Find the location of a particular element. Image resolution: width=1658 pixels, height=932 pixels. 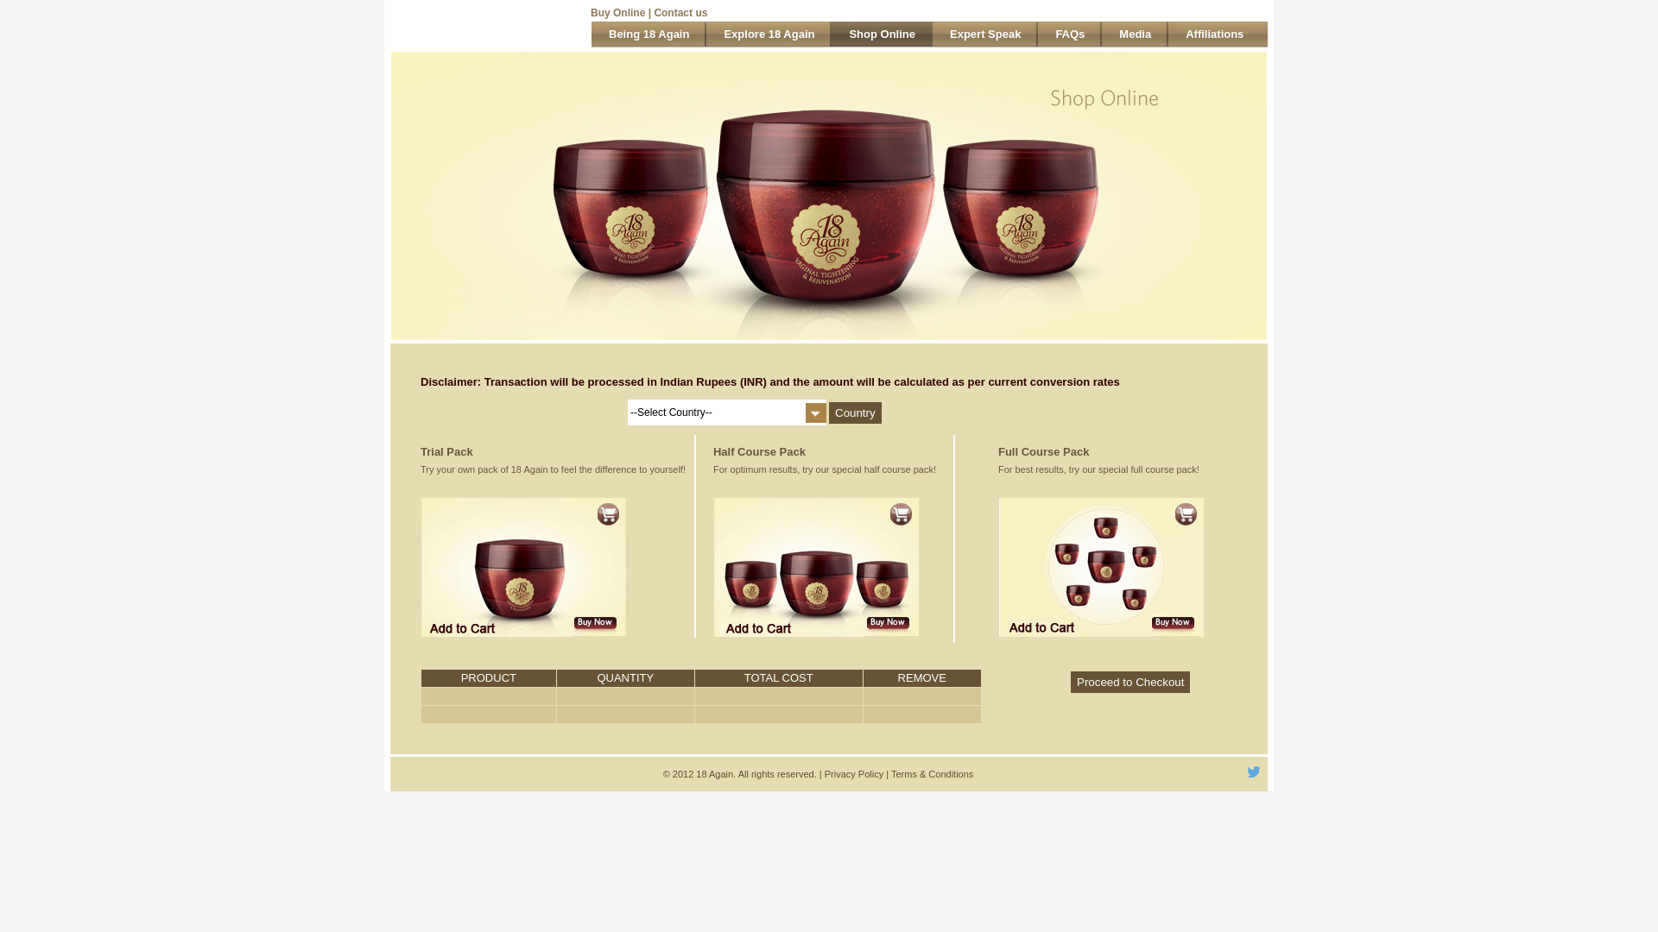

'Explore 18 Again' is located at coordinates (706, 34).